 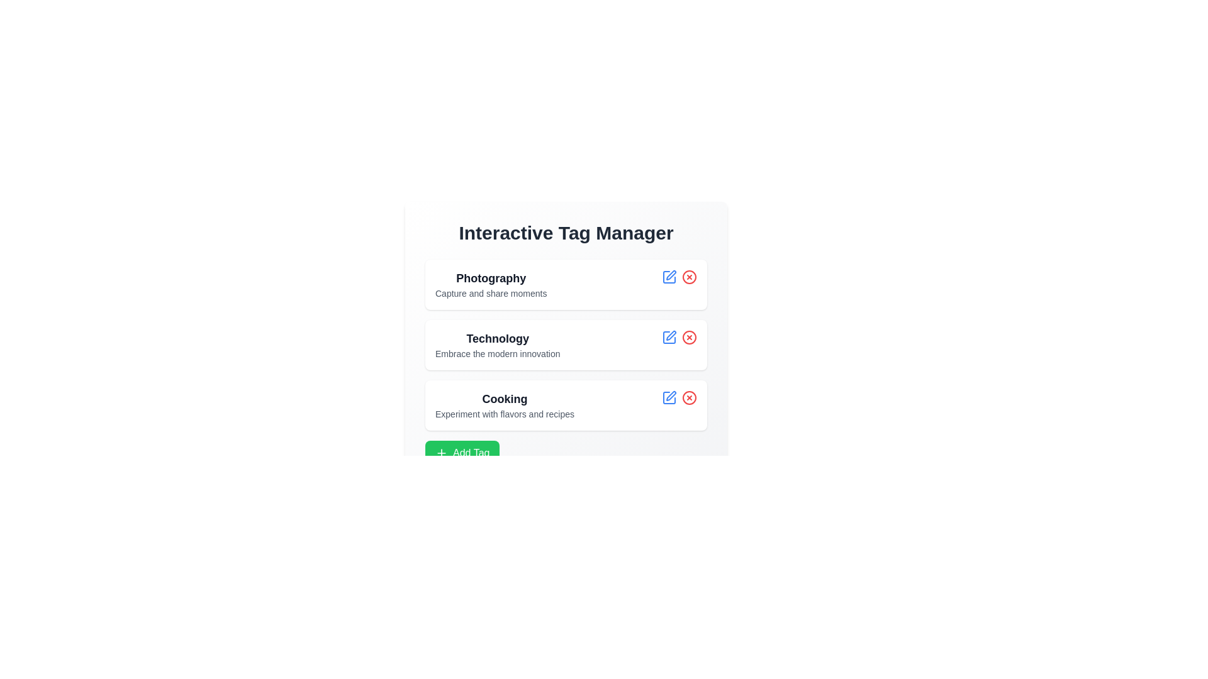 What do you see at coordinates (688, 276) in the screenshot?
I see `the delete button for the 'Photography' tag item to trigger the tooltip or highlight effect` at bounding box center [688, 276].